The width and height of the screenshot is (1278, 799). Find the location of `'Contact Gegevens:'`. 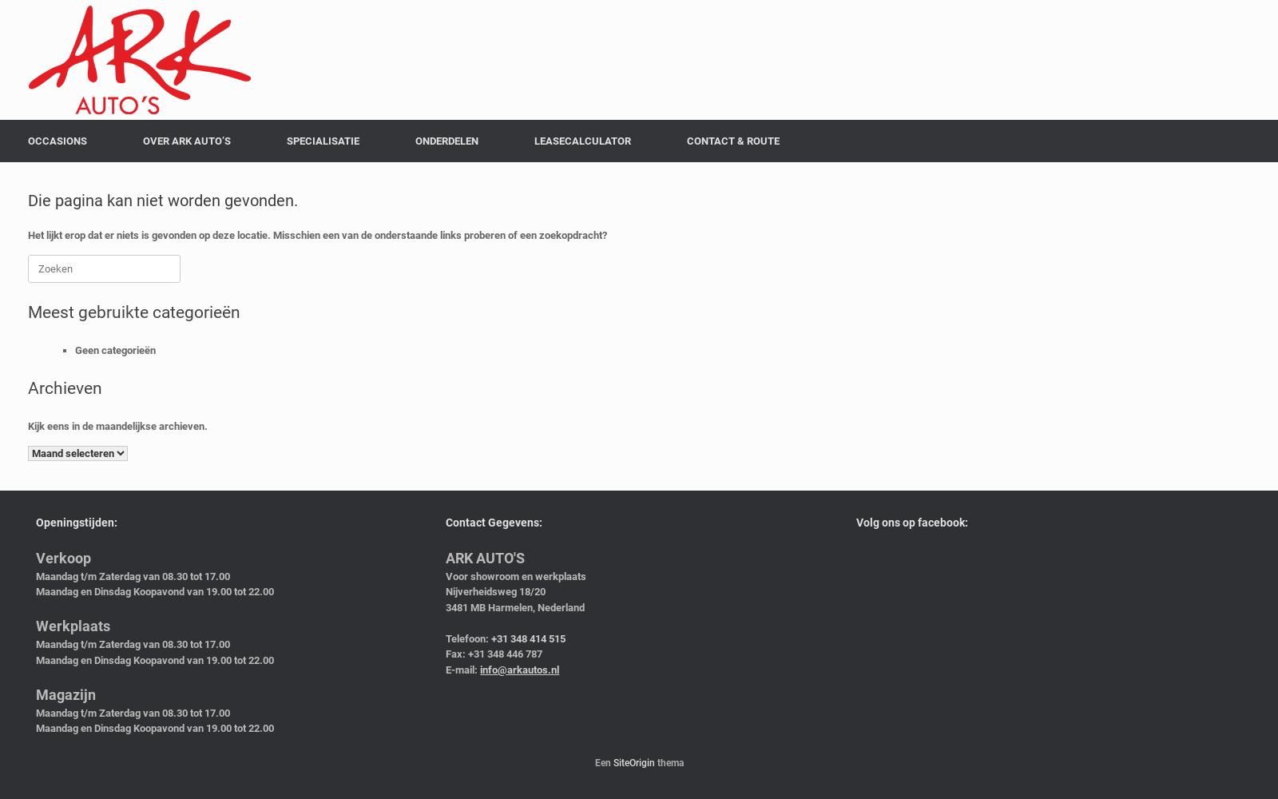

'Contact Gegevens:' is located at coordinates (494, 522).